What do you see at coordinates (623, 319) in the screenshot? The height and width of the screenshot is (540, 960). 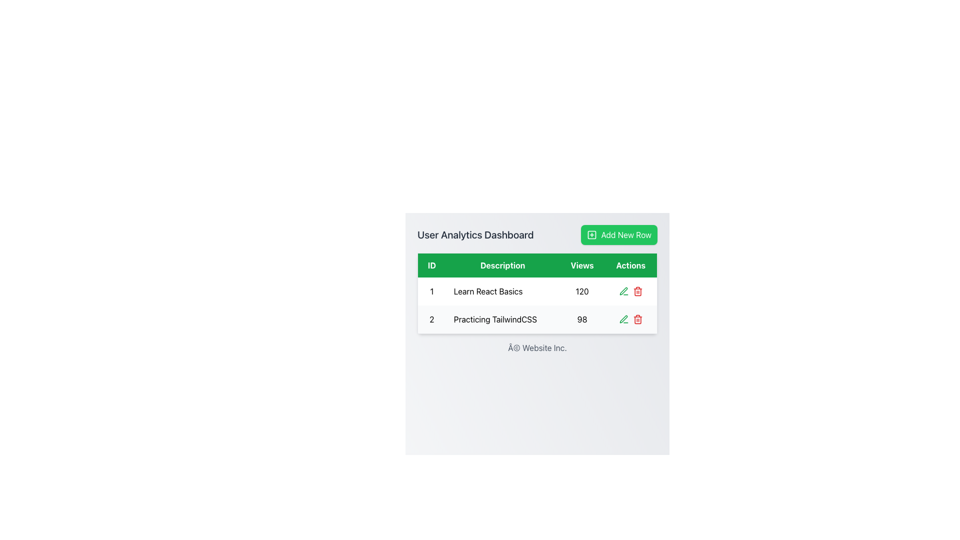 I see `the green pencil icon in the 'Actions' column of the table to initiate editing the row for 'Learn React Basics'` at bounding box center [623, 319].